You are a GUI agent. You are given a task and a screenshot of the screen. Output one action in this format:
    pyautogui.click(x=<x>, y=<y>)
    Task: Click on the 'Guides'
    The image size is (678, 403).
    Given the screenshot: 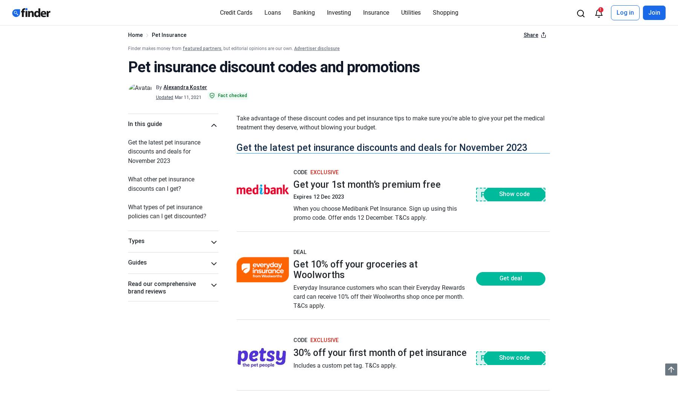 What is the action you would take?
    pyautogui.click(x=137, y=262)
    